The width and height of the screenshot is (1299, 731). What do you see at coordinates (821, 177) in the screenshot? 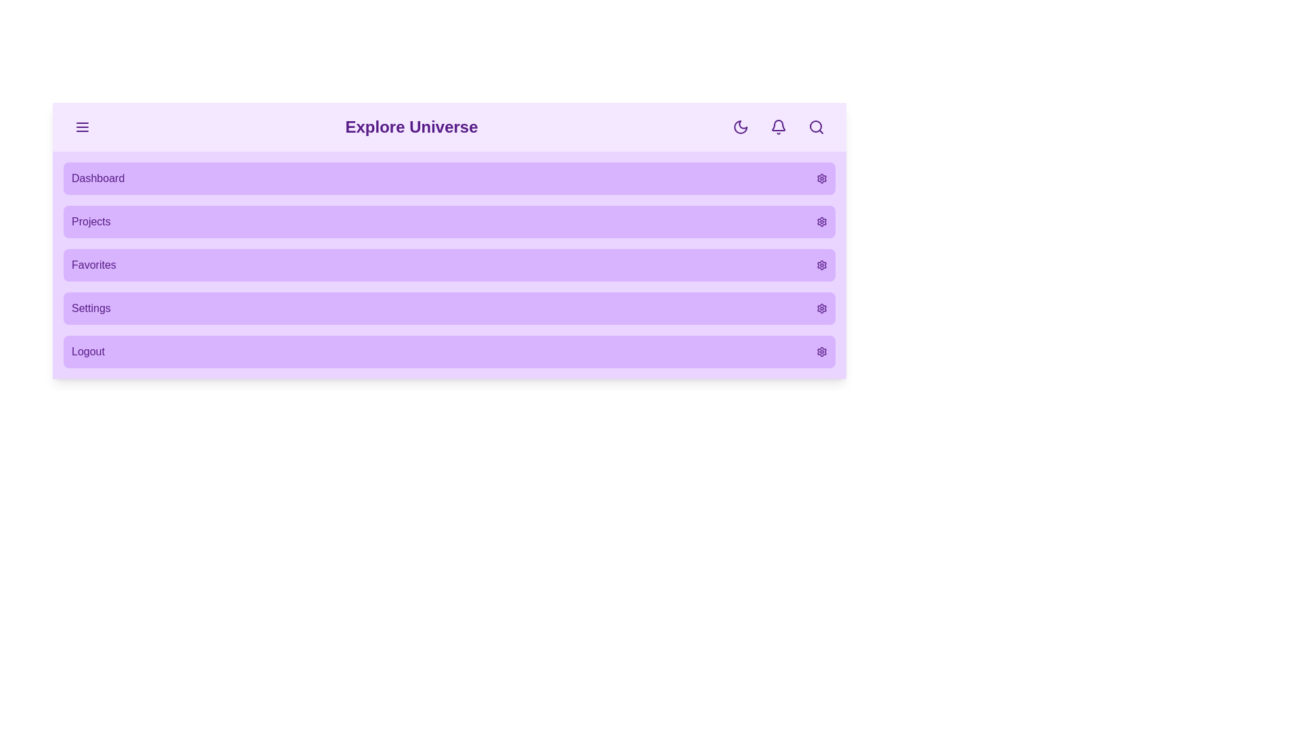
I see `the settings icon for the menu item labeled Dashboard` at bounding box center [821, 177].